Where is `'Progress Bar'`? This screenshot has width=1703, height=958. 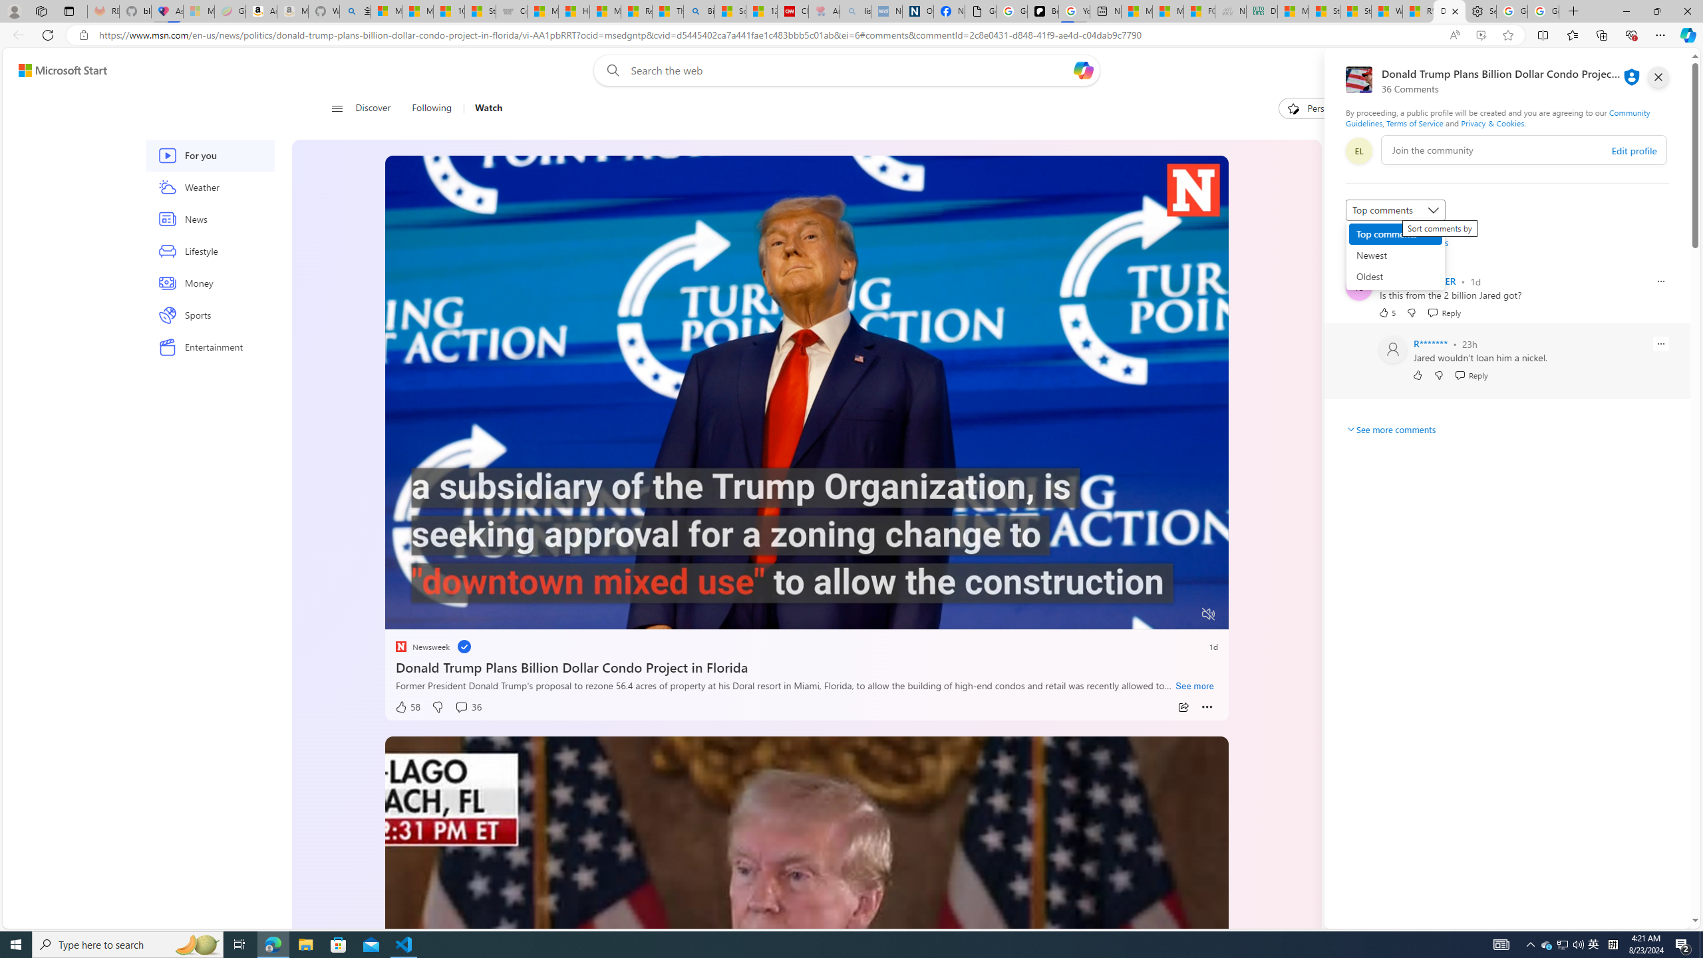 'Progress Bar' is located at coordinates (806, 597).